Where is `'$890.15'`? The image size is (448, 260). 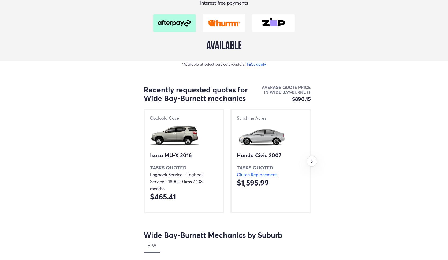
'$890.15' is located at coordinates (292, 99).